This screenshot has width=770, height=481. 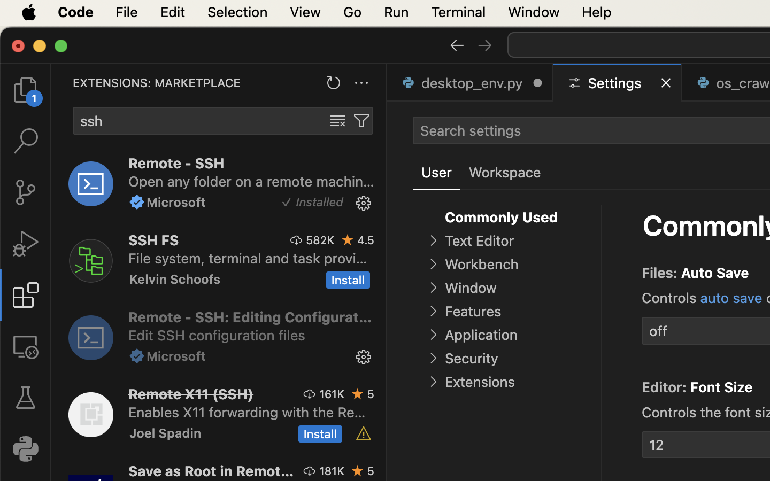 I want to click on '', so click(x=337, y=120).